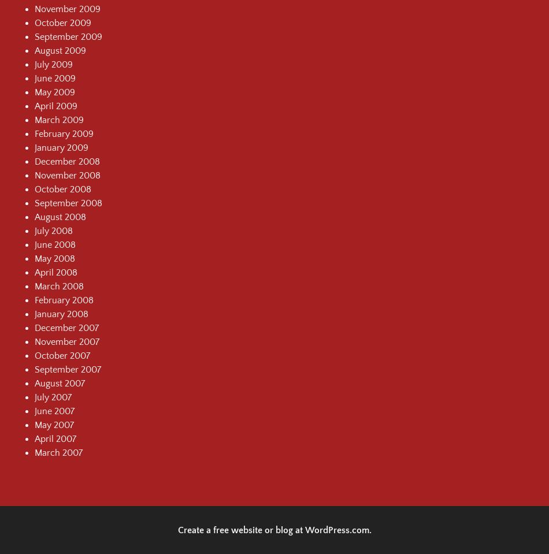 The width and height of the screenshot is (549, 554). What do you see at coordinates (60, 216) in the screenshot?
I see `'August 2008'` at bounding box center [60, 216].